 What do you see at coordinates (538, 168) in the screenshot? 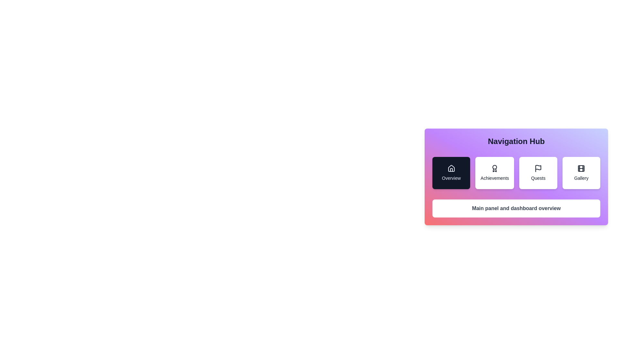
I see `the flag icon with a bold outline and a waving shape, located in the third position among the navigation buttons in the 'Quests' section of the 'Navigation Hub'` at bounding box center [538, 168].